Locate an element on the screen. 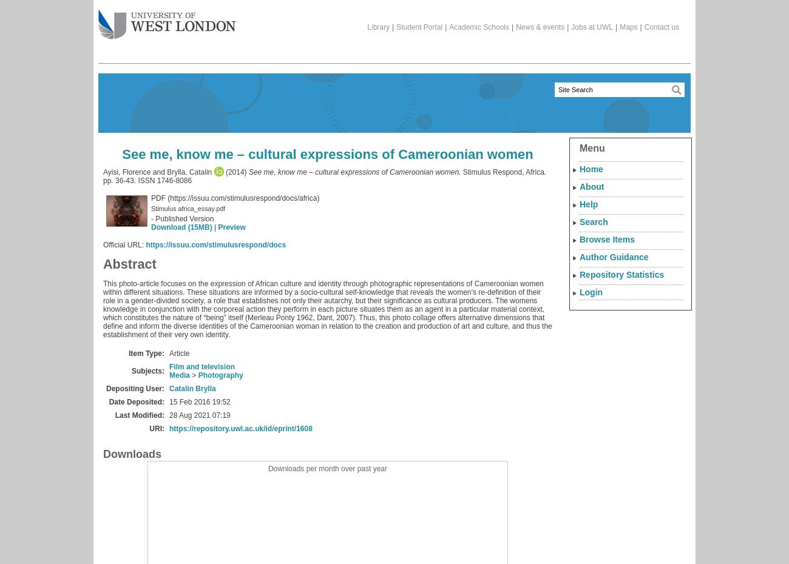 The image size is (789, 564). '28 Aug 2021 07:19' is located at coordinates (199, 415).